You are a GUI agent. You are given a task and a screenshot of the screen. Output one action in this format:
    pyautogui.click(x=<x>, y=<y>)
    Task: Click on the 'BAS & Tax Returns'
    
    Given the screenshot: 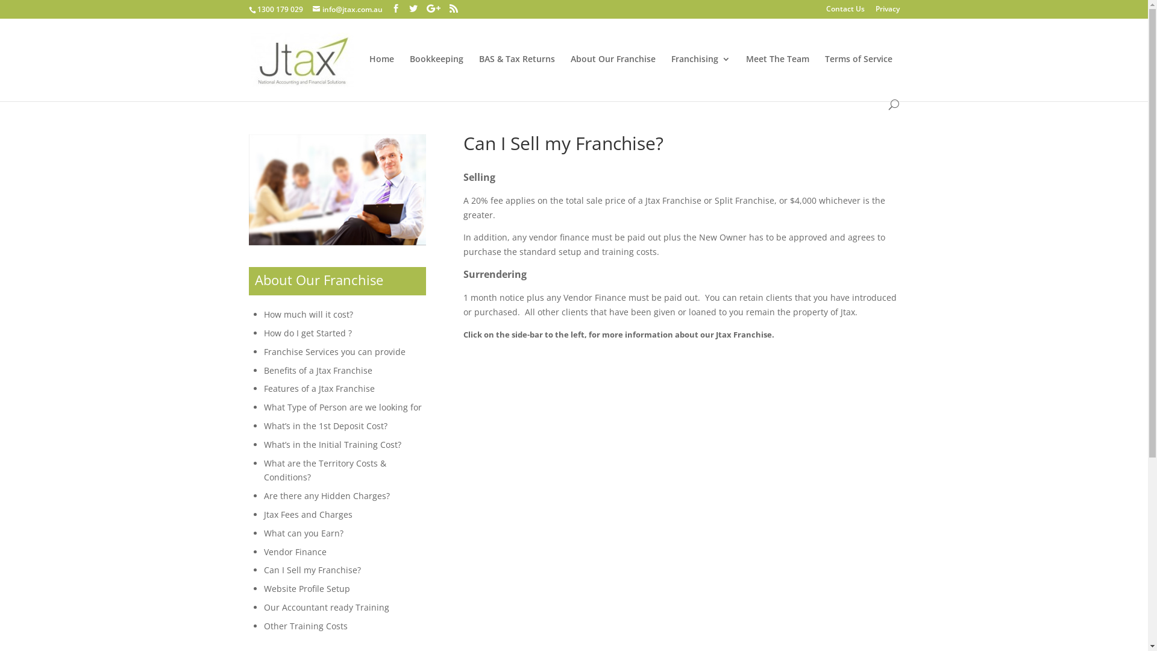 What is the action you would take?
    pyautogui.click(x=477, y=77)
    